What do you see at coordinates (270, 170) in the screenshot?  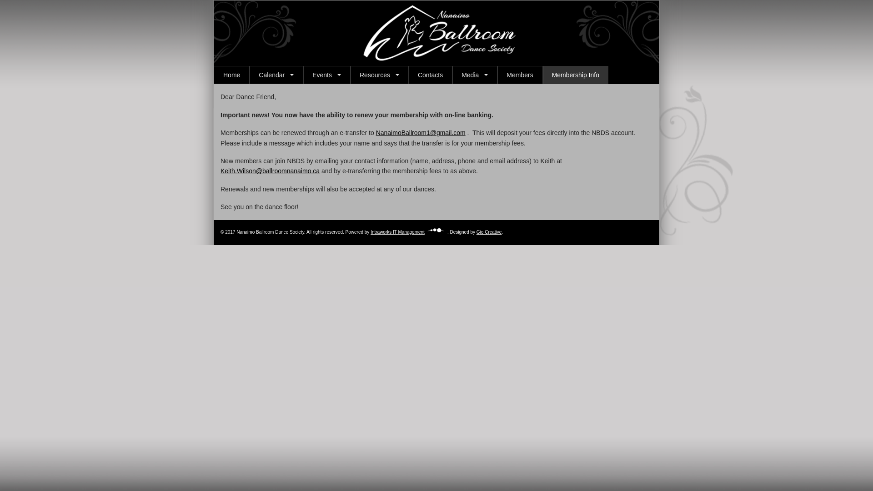 I see `'Keith.Wilson@ballroomnanaimo.ca'` at bounding box center [270, 170].